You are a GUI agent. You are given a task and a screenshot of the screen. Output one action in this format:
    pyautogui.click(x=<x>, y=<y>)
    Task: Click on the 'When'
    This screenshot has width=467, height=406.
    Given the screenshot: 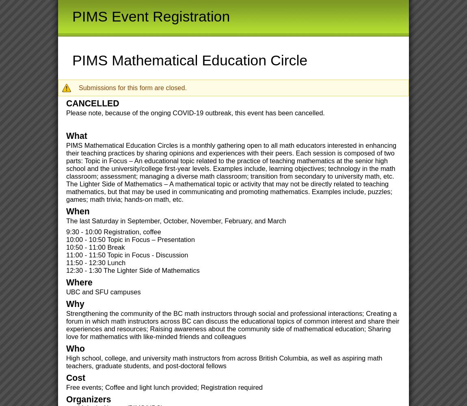 What is the action you would take?
    pyautogui.click(x=77, y=211)
    